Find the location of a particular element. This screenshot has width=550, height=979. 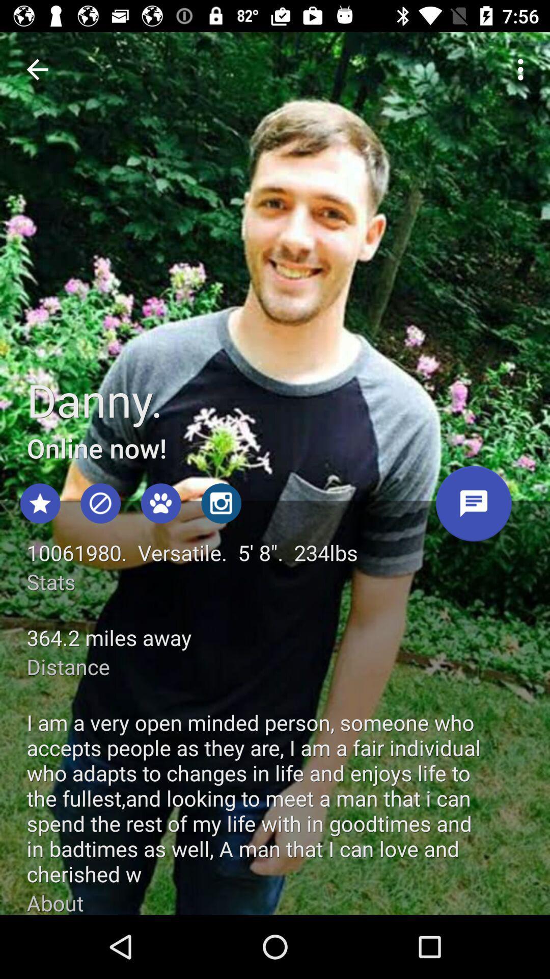

the chat icon is located at coordinates (474, 507).